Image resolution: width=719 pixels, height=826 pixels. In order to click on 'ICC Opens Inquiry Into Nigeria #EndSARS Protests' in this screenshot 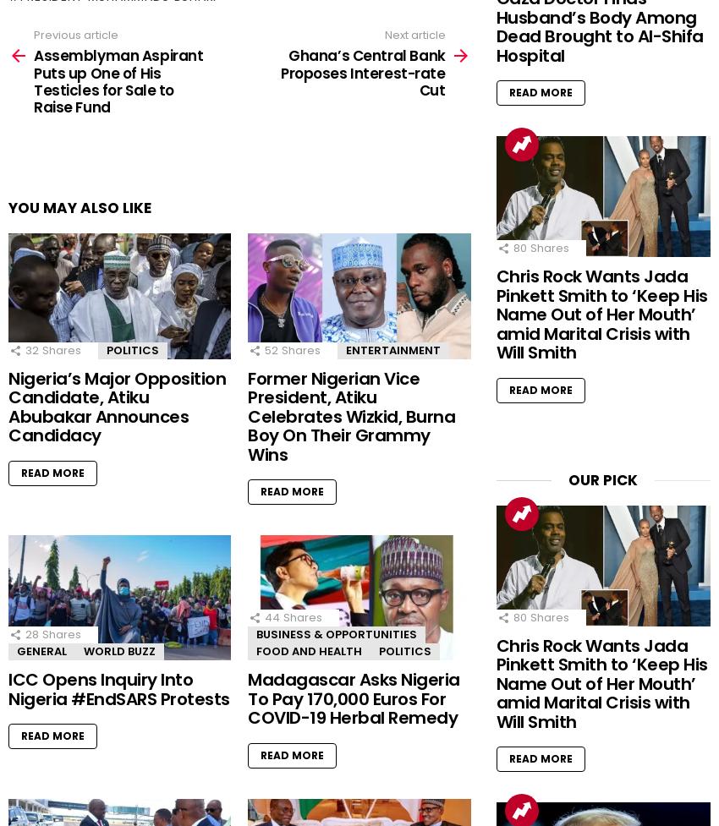, I will do `click(118, 688)`.